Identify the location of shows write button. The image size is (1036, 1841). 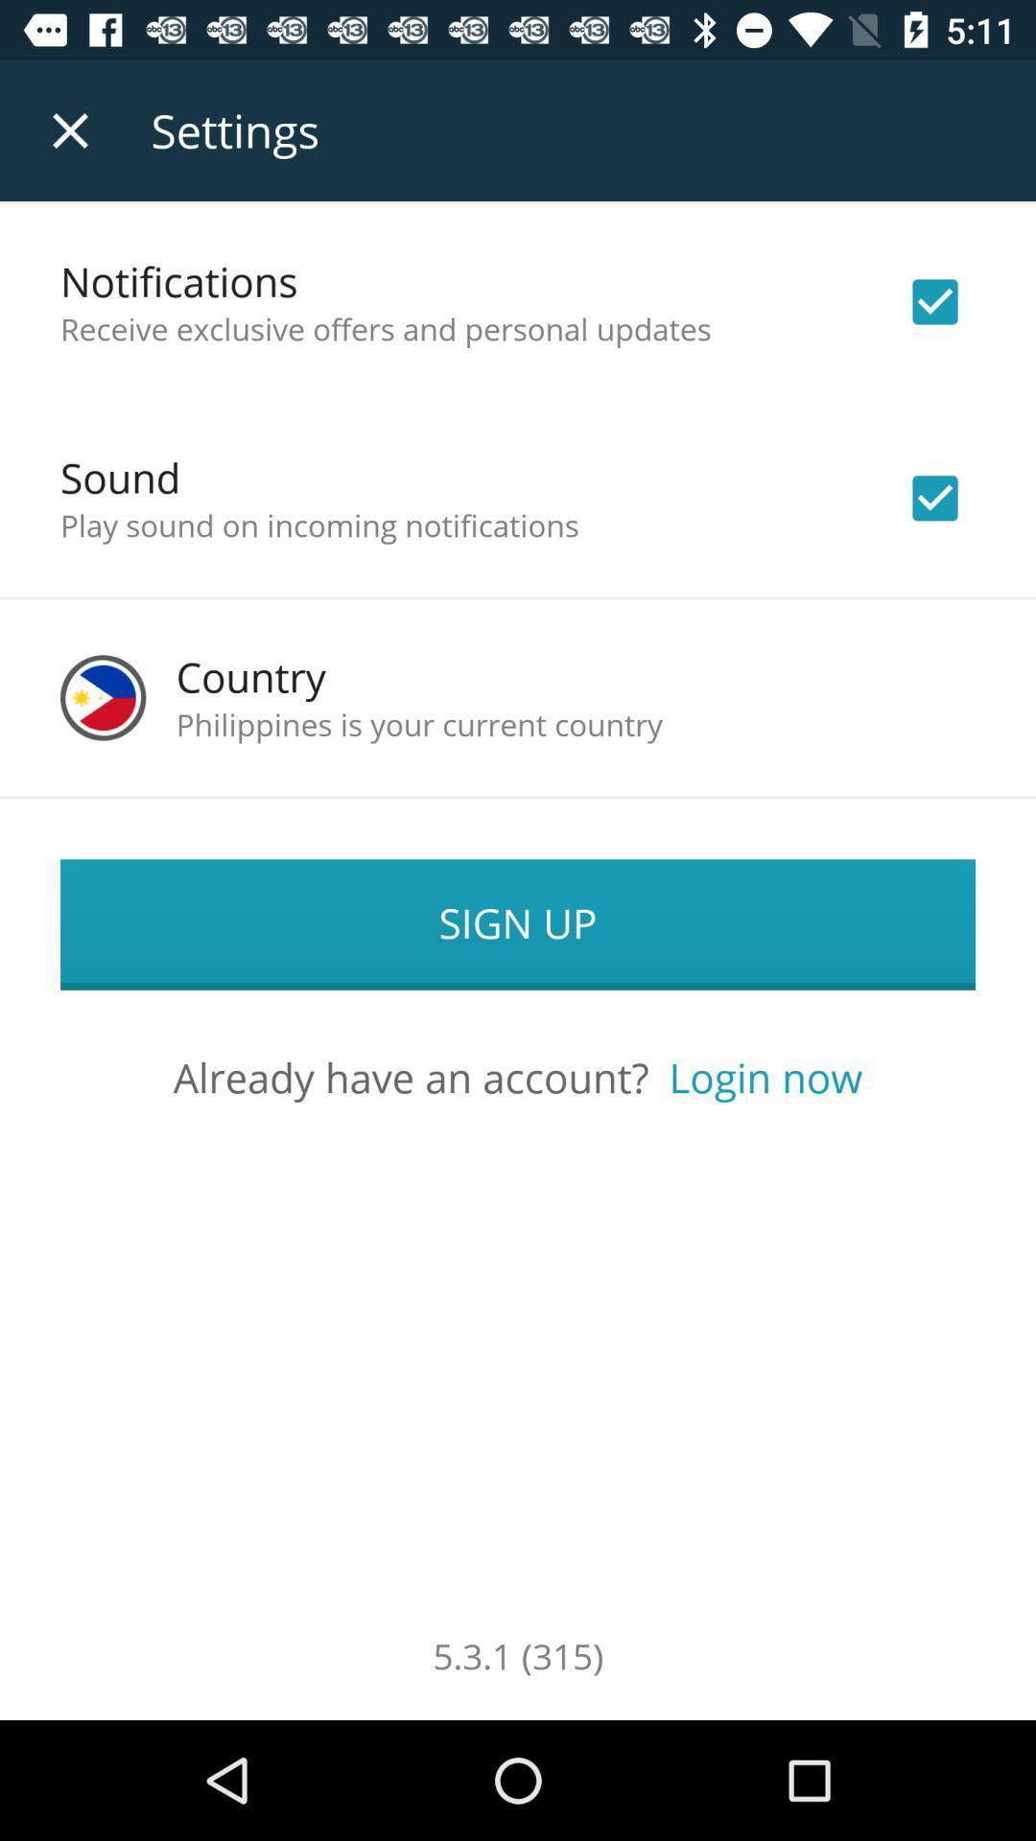
(934, 301).